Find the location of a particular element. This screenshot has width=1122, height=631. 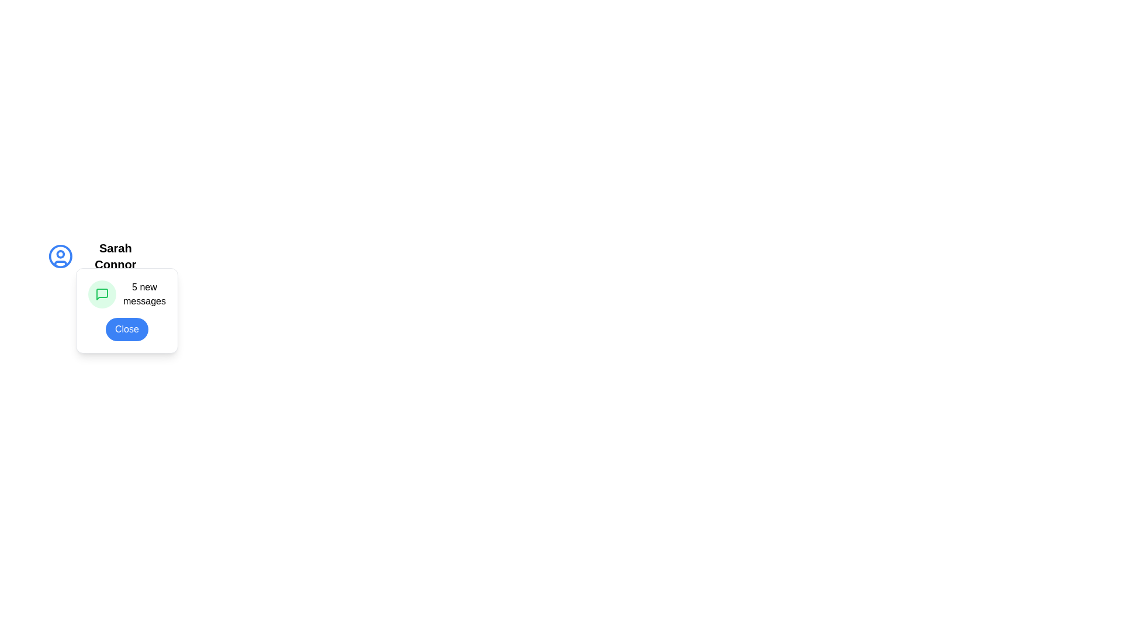

details of the Notification panel located below 'Sarah Connor' and slightly right-aligned, by clicking on it is located at coordinates (127, 310).